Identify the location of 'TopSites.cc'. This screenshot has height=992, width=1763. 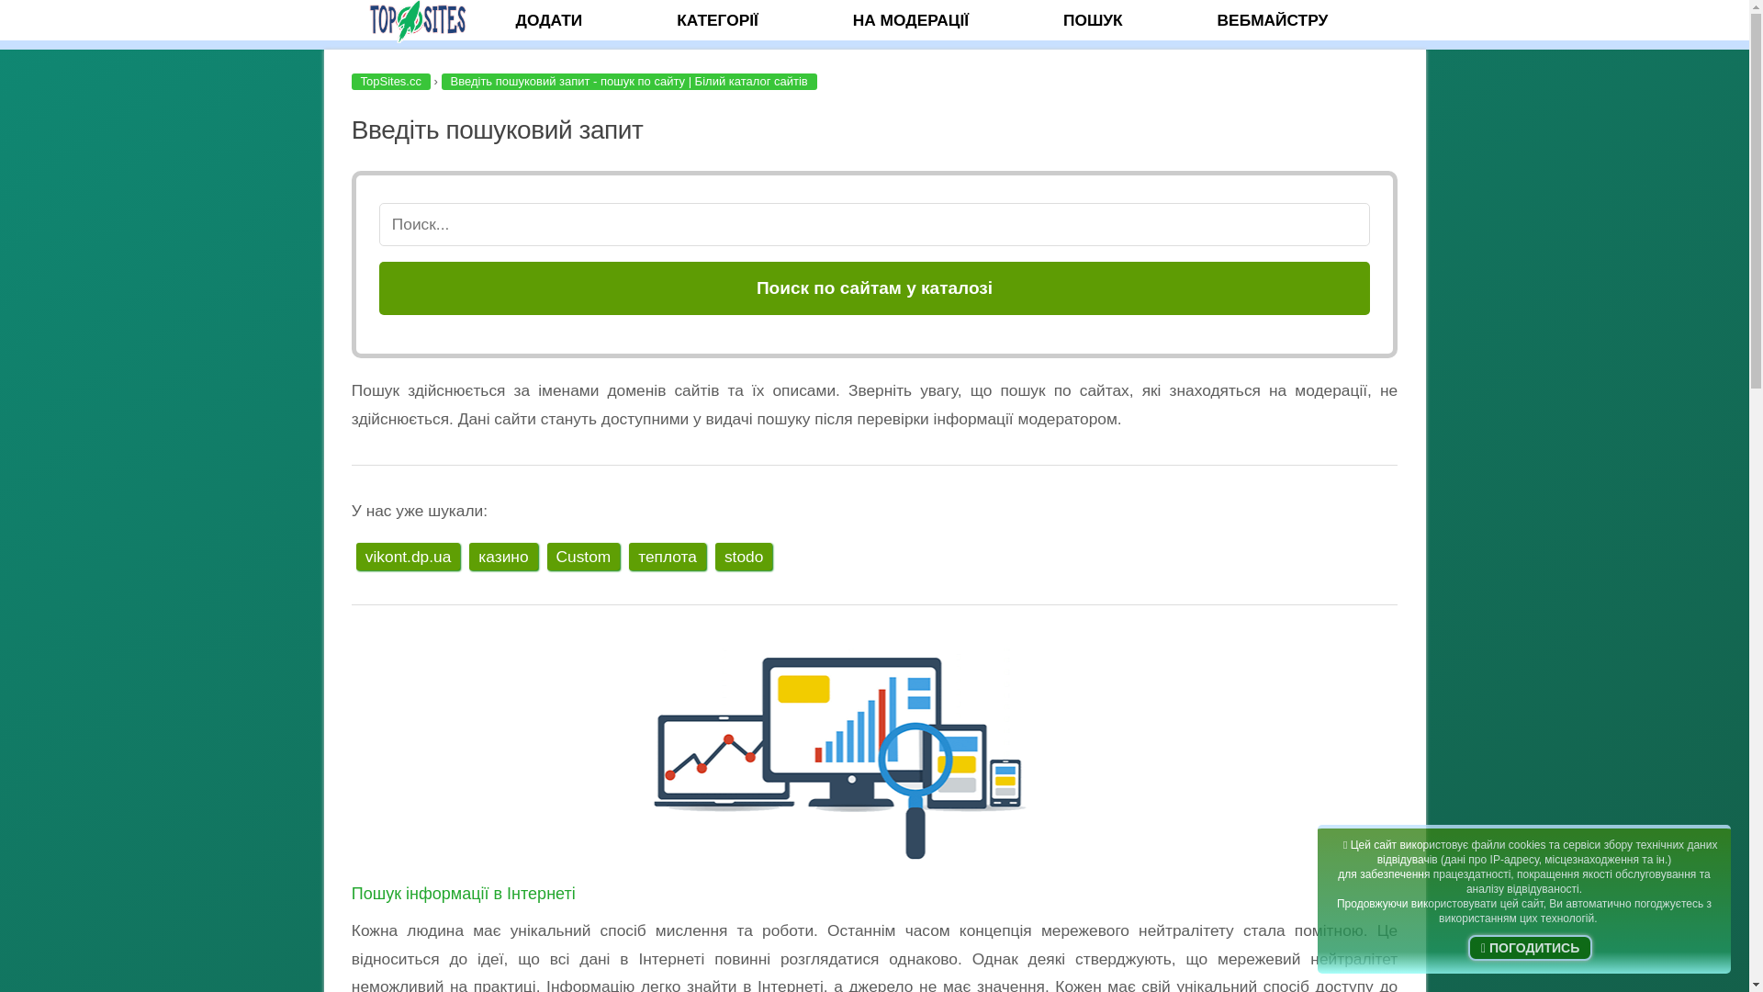
(389, 80).